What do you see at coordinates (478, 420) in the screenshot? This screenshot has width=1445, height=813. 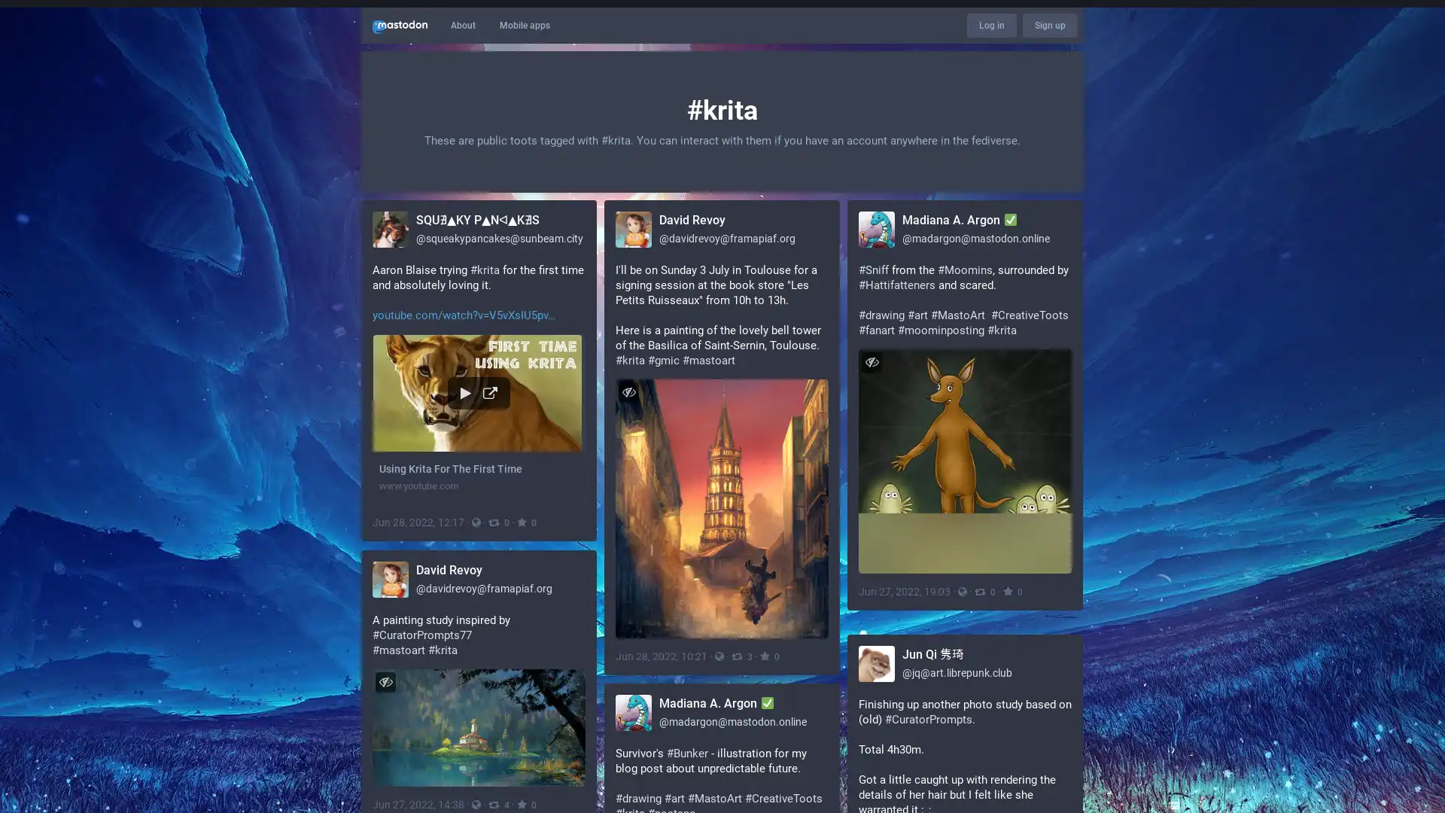 I see `Using Krita For The First Time www.youtube.com` at bounding box center [478, 420].